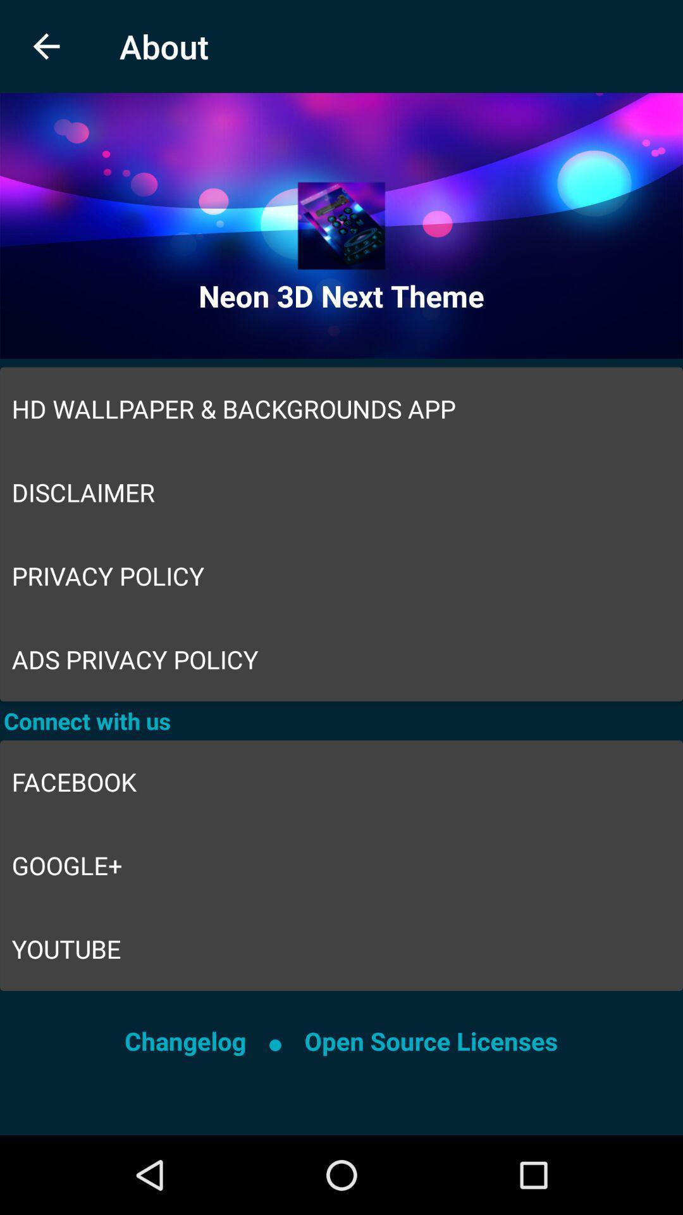 Image resolution: width=683 pixels, height=1215 pixels. What do you see at coordinates (341, 865) in the screenshot?
I see `google+ item` at bounding box center [341, 865].